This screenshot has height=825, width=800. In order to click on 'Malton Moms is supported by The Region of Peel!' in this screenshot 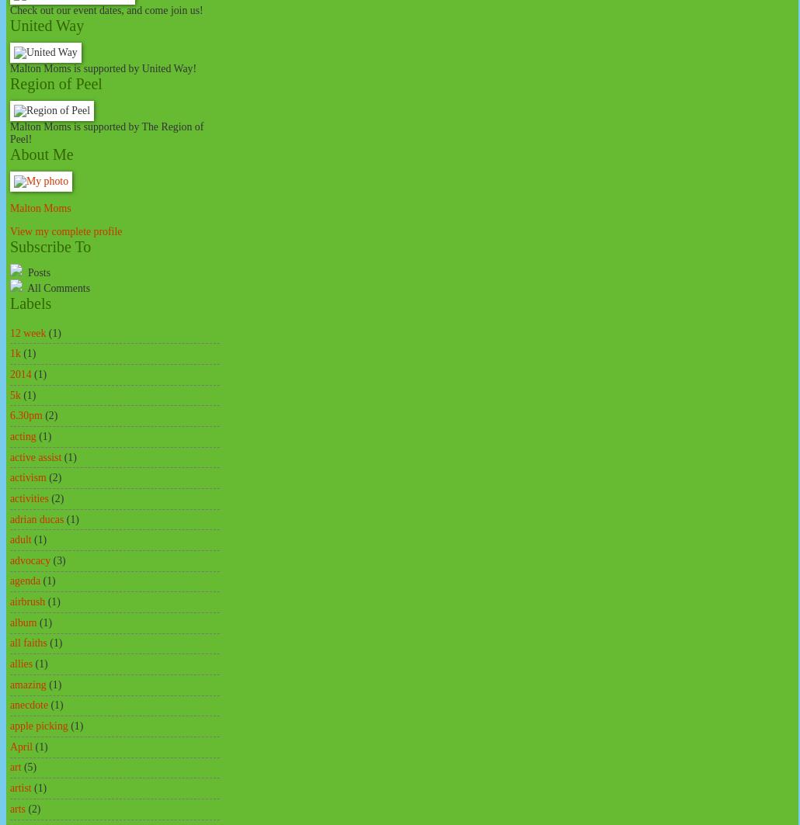, I will do `click(106, 133)`.